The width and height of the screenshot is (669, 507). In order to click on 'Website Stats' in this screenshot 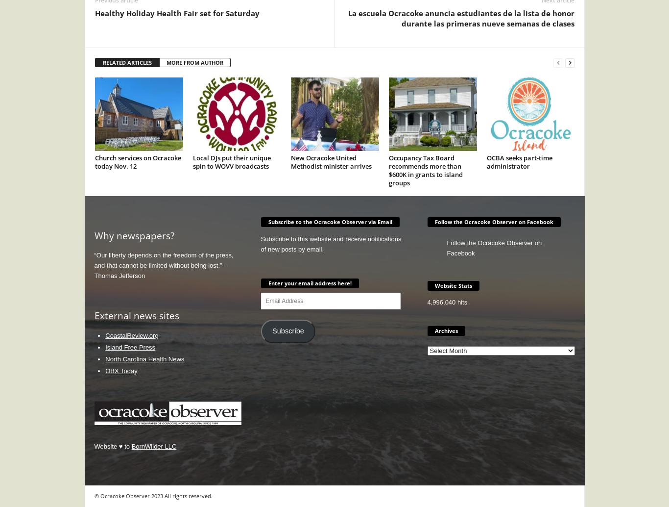, I will do `click(453, 285)`.